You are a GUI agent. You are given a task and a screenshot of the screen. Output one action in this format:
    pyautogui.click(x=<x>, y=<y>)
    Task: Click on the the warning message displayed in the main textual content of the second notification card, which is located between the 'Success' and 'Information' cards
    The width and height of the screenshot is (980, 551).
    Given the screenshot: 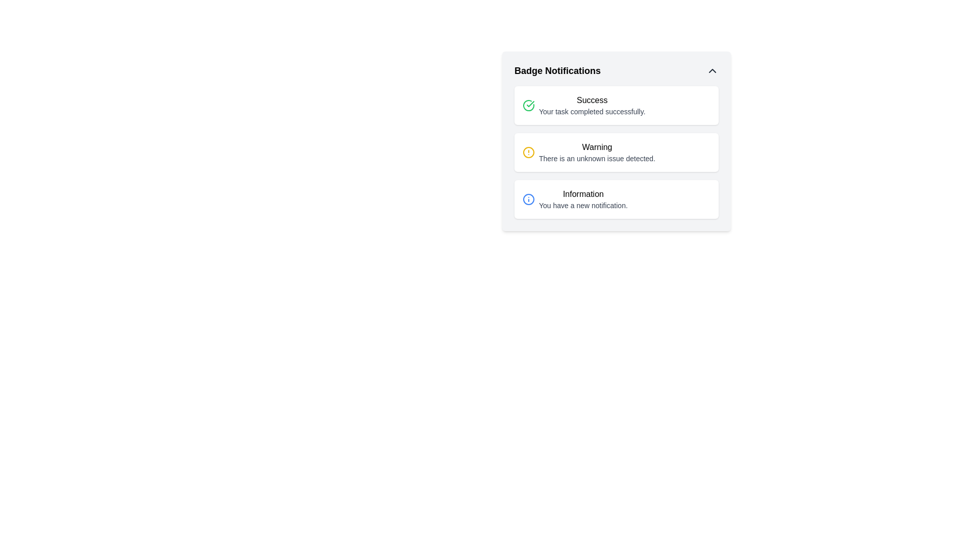 What is the action you would take?
    pyautogui.click(x=597, y=153)
    